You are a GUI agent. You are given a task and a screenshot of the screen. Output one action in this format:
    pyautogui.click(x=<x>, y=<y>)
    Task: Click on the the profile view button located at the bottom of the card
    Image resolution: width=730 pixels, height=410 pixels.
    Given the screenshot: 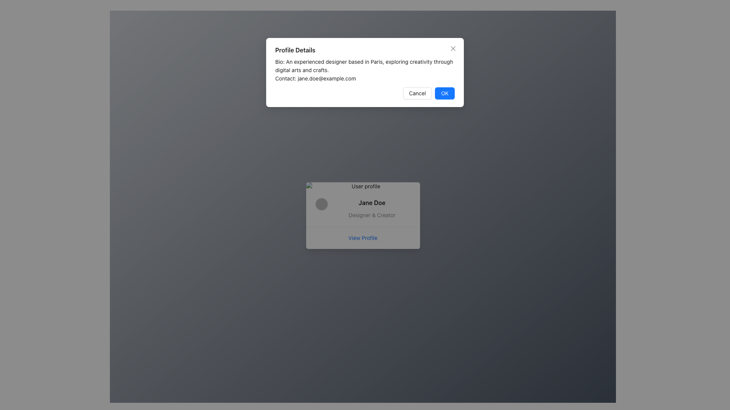 What is the action you would take?
    pyautogui.click(x=362, y=237)
    